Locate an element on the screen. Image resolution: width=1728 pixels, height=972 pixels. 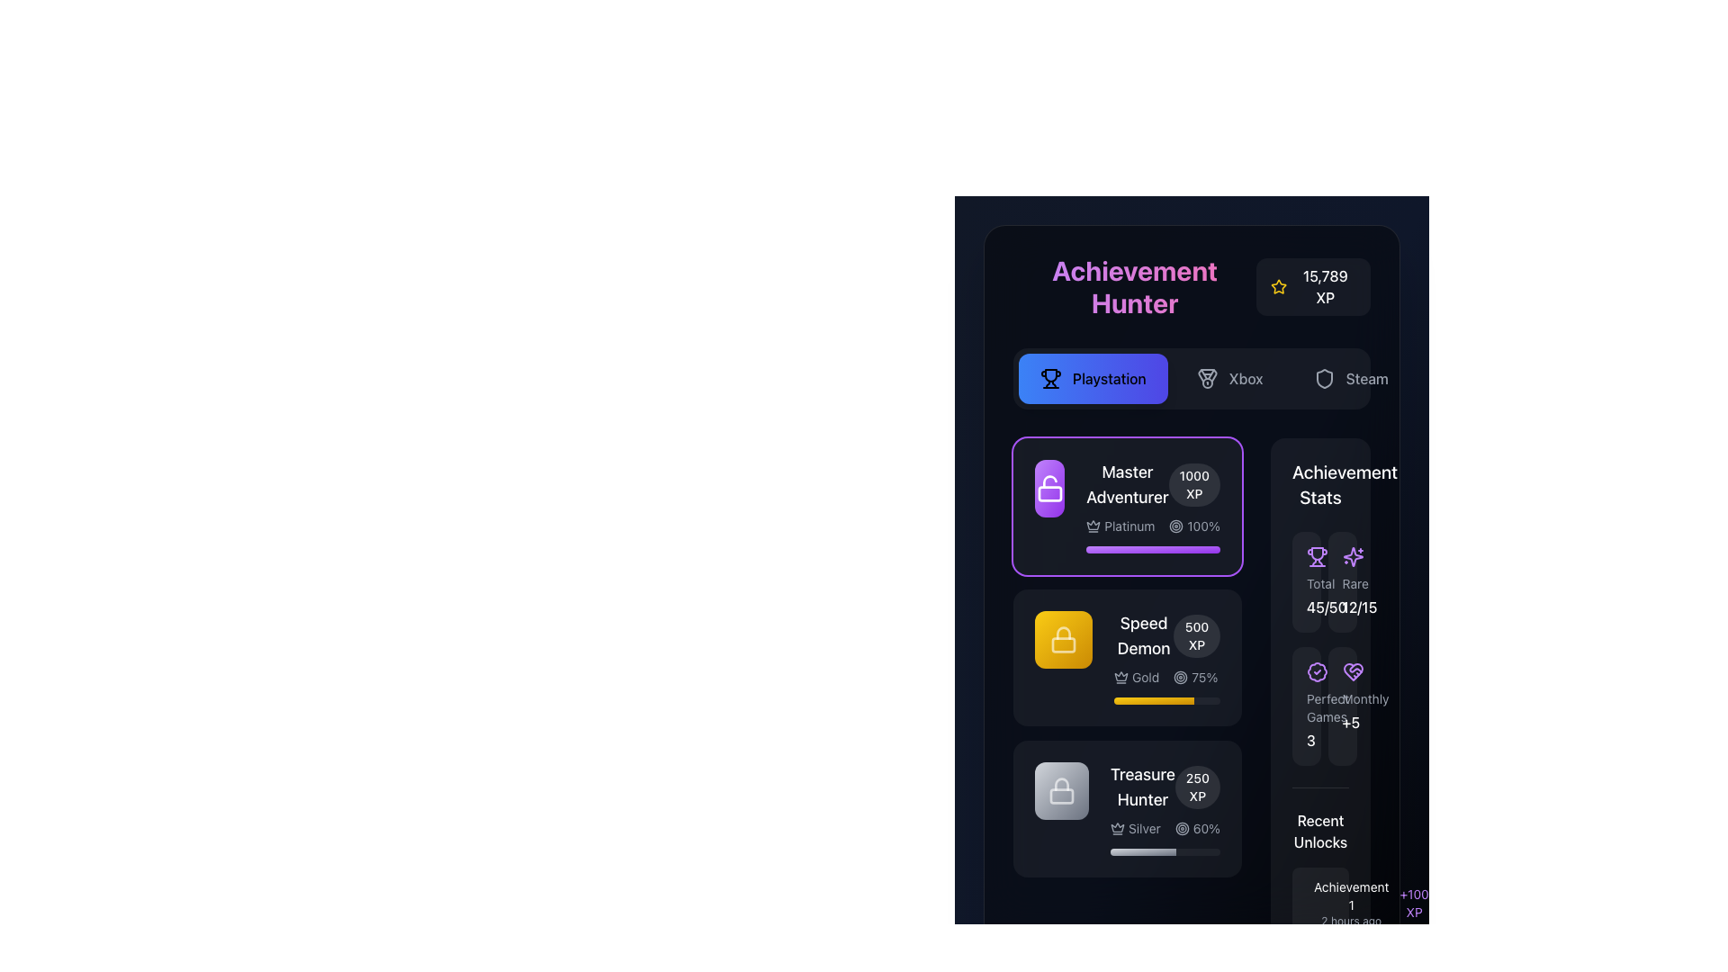
the locked status icon on the 'Speed Demon' achievement card, which is positioned to the left of the labels and progress bar within its card is located at coordinates (1063, 638).